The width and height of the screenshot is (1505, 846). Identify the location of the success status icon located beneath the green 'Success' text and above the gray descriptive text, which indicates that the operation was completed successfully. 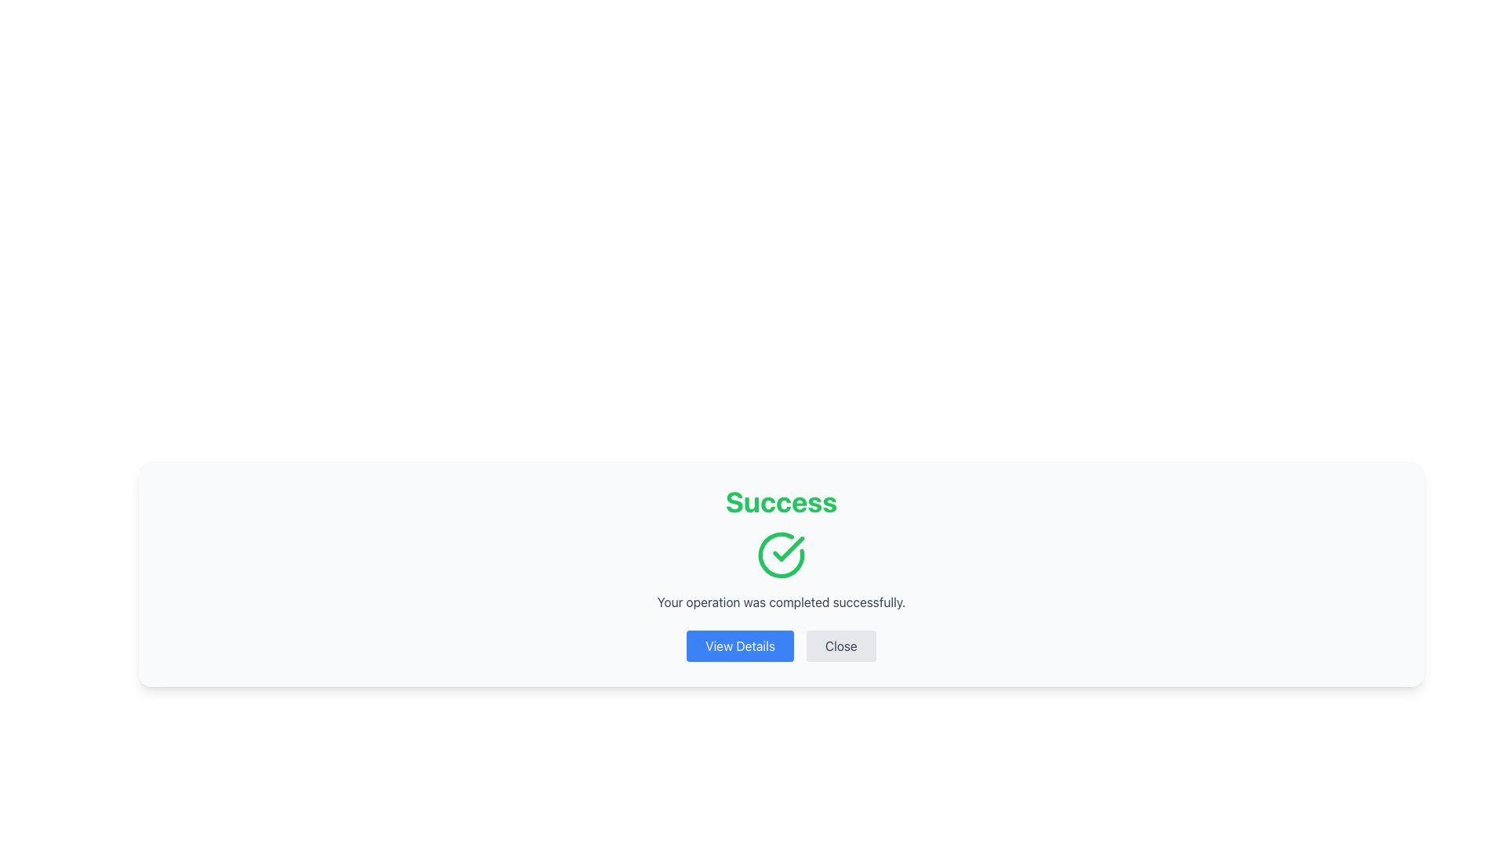
(782, 555).